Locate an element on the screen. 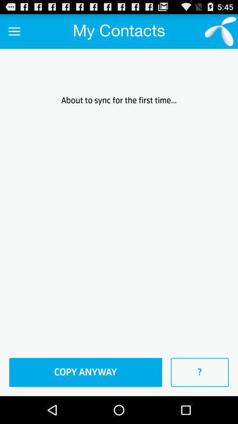 This screenshot has height=424, width=238. the icon next to  ?  icon is located at coordinates (86, 372).